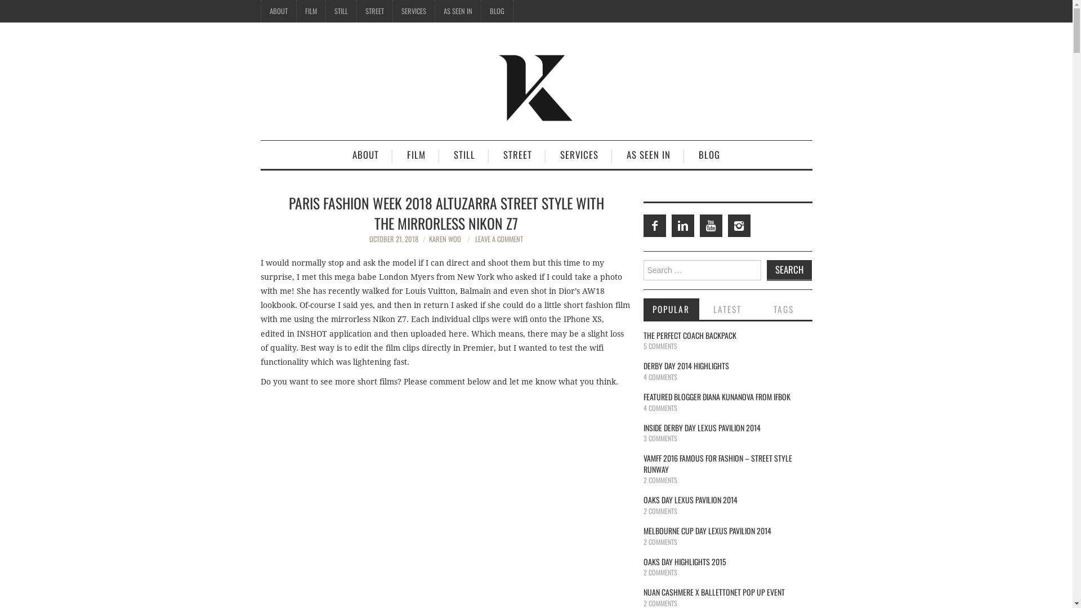 The width and height of the screenshot is (1081, 608). Describe the element at coordinates (457, 11) in the screenshot. I see `'AS SEEN IN'` at that location.